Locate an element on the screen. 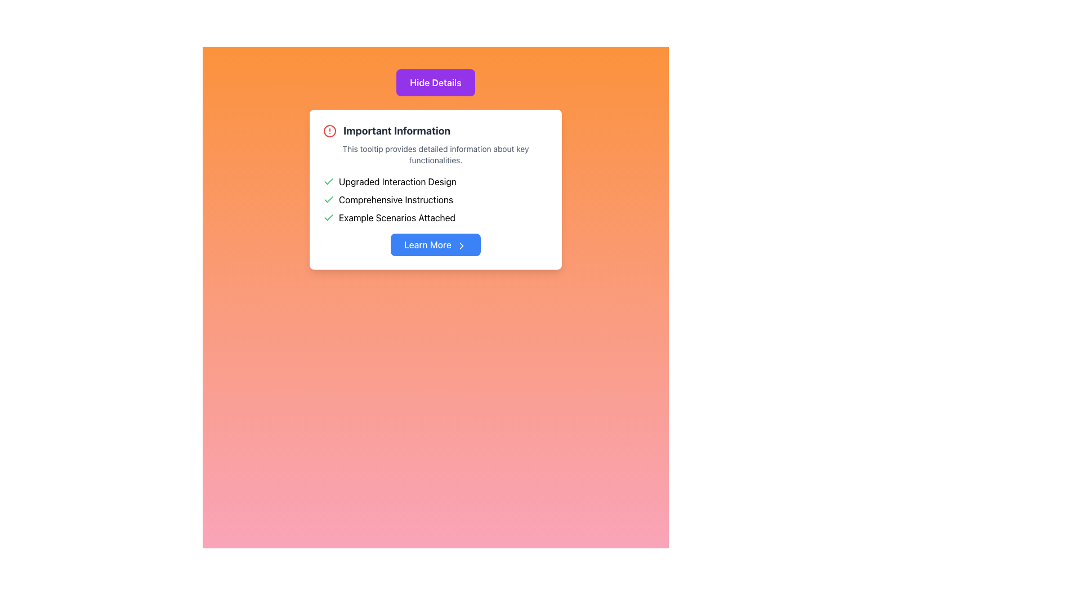  the vertically arranged list containing the text 'Upgraded Interaction Design,' 'Comprehensive Instructions,' and 'Example Scenarios Attached,' which is located in the modal titled 'Important Information.' is located at coordinates (435, 199).